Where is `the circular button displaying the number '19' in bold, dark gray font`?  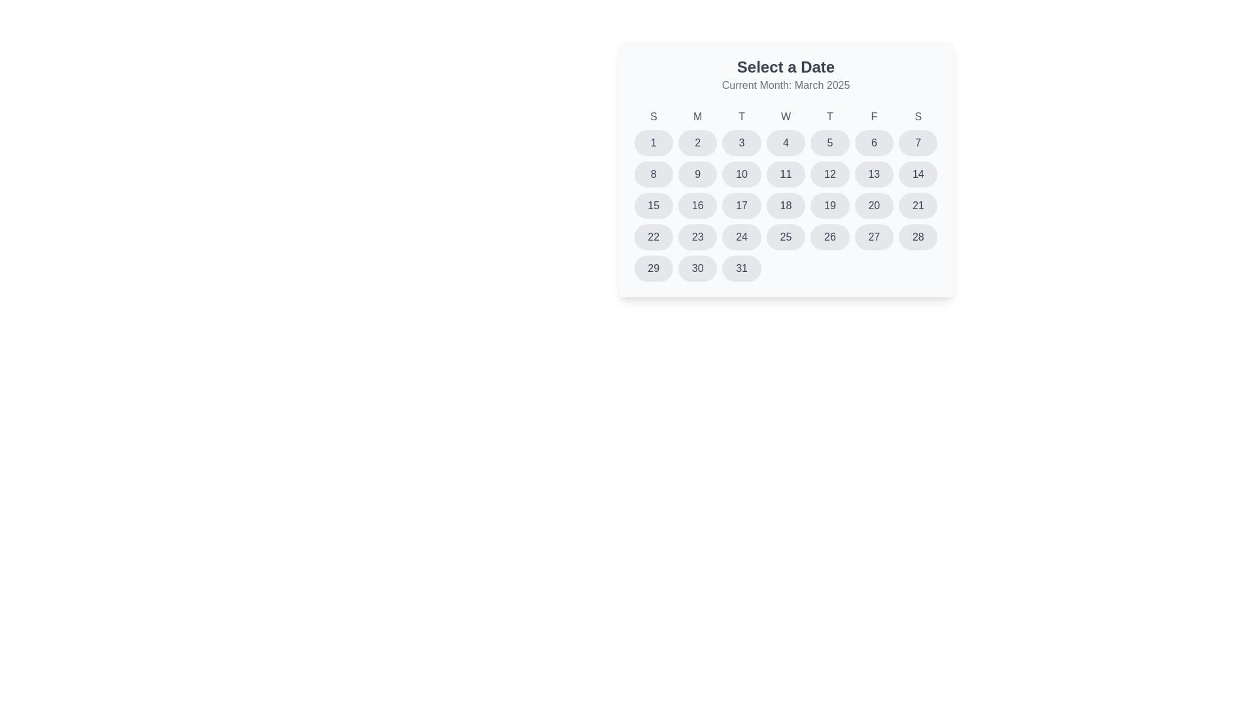 the circular button displaying the number '19' in bold, dark gray font is located at coordinates (829, 206).